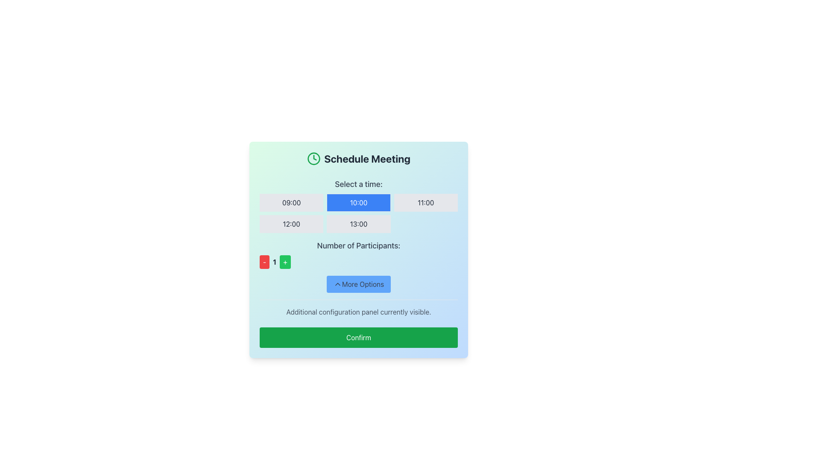 This screenshot has height=461, width=820. Describe the element at coordinates (359, 206) in the screenshot. I see `the highlighted button '10:00'` at that location.